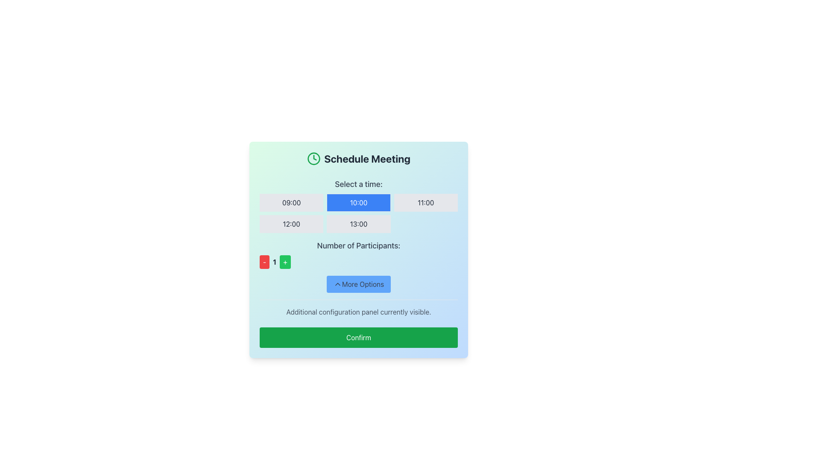 This screenshot has height=461, width=820. Describe the element at coordinates (359, 206) in the screenshot. I see `the highlighted button '10:00'` at that location.